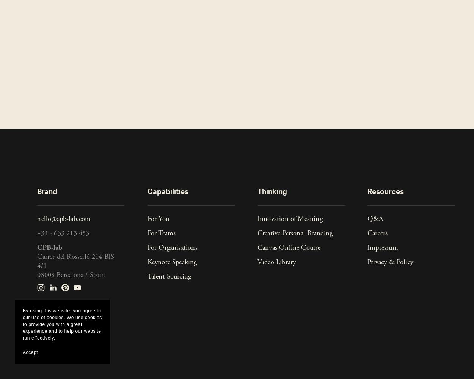 Image resolution: width=474 pixels, height=379 pixels. I want to click on 'hello@cpb-lab.com', so click(64, 219).